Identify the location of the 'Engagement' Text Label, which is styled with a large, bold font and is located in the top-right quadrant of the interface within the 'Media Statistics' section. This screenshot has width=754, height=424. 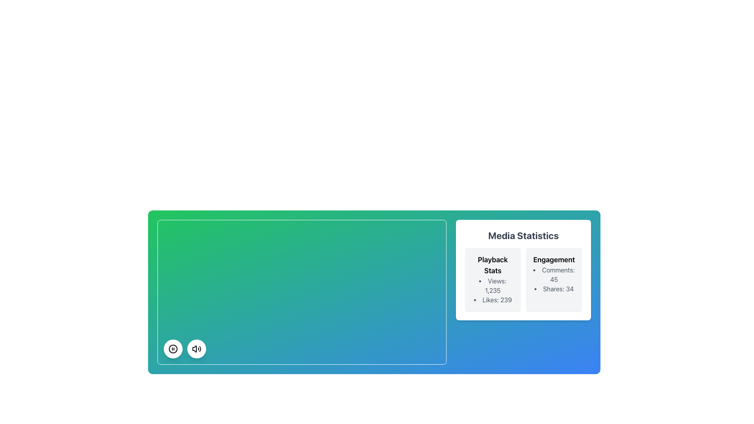
(554, 260).